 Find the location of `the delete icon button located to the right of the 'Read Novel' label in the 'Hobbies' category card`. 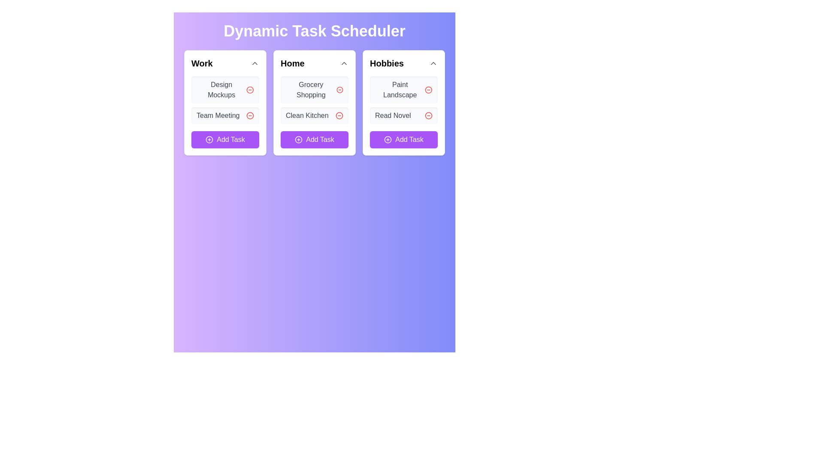

the delete icon button located to the right of the 'Read Novel' label in the 'Hobbies' category card is located at coordinates (428, 116).